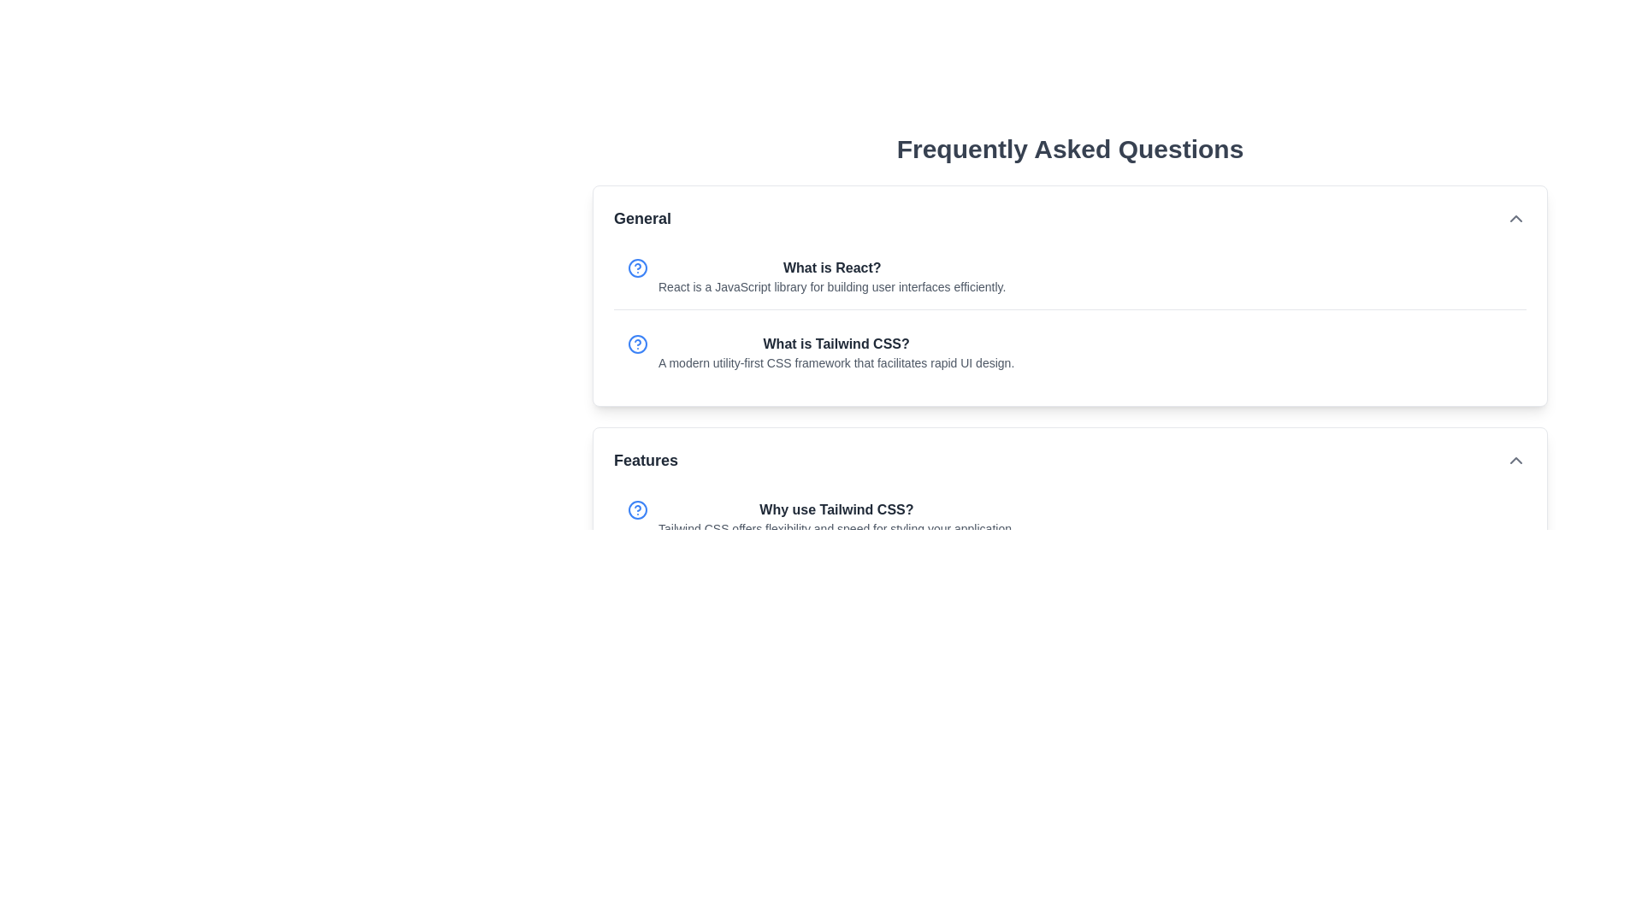 This screenshot has width=1642, height=923. I want to click on the text element displaying the question 'What is Tailwind CSS?', so click(836, 344).